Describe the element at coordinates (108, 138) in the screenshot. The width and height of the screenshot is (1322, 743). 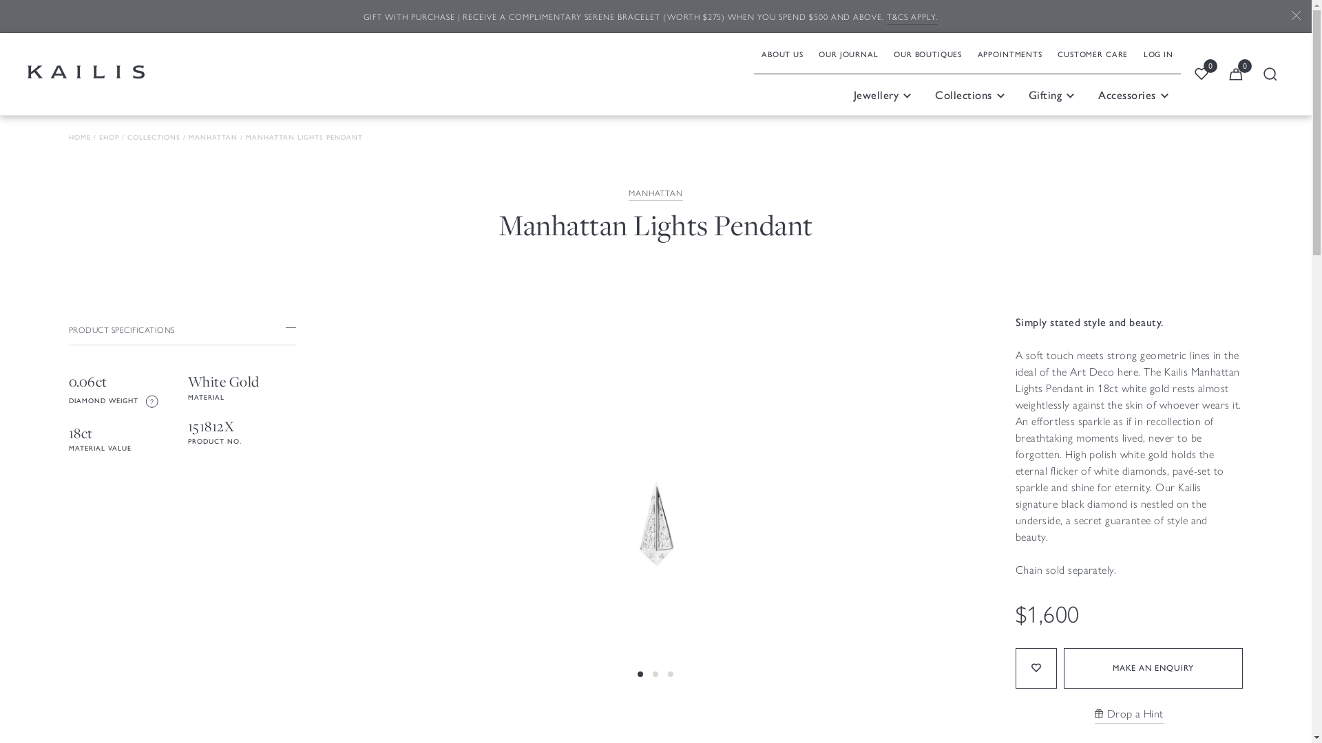
I see `'SHOP'` at that location.